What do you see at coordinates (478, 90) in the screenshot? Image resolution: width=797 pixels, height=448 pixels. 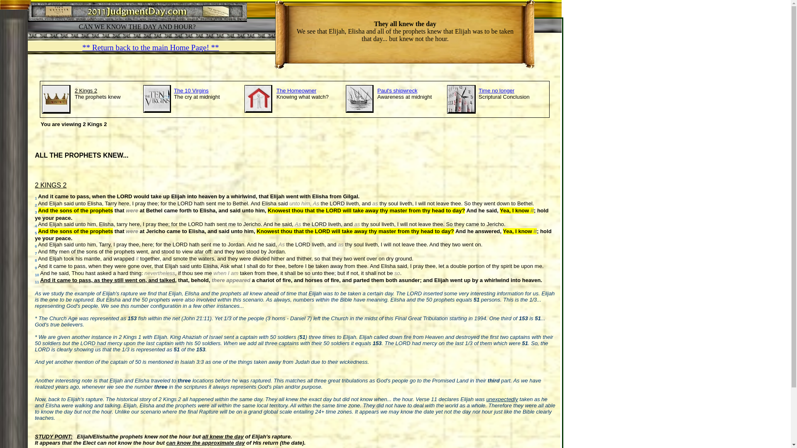 I see `'Time no longer'` at bounding box center [478, 90].